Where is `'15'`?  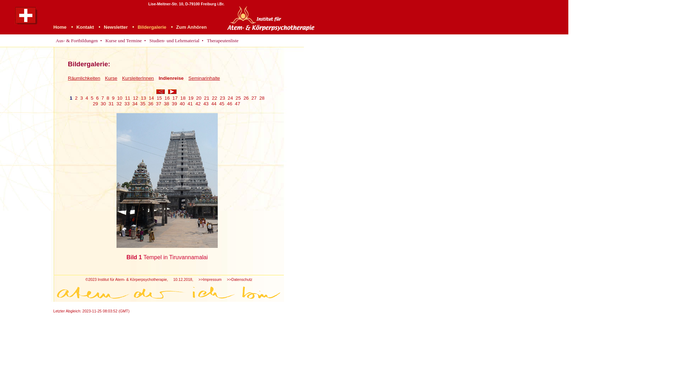 '15' is located at coordinates (159, 98).